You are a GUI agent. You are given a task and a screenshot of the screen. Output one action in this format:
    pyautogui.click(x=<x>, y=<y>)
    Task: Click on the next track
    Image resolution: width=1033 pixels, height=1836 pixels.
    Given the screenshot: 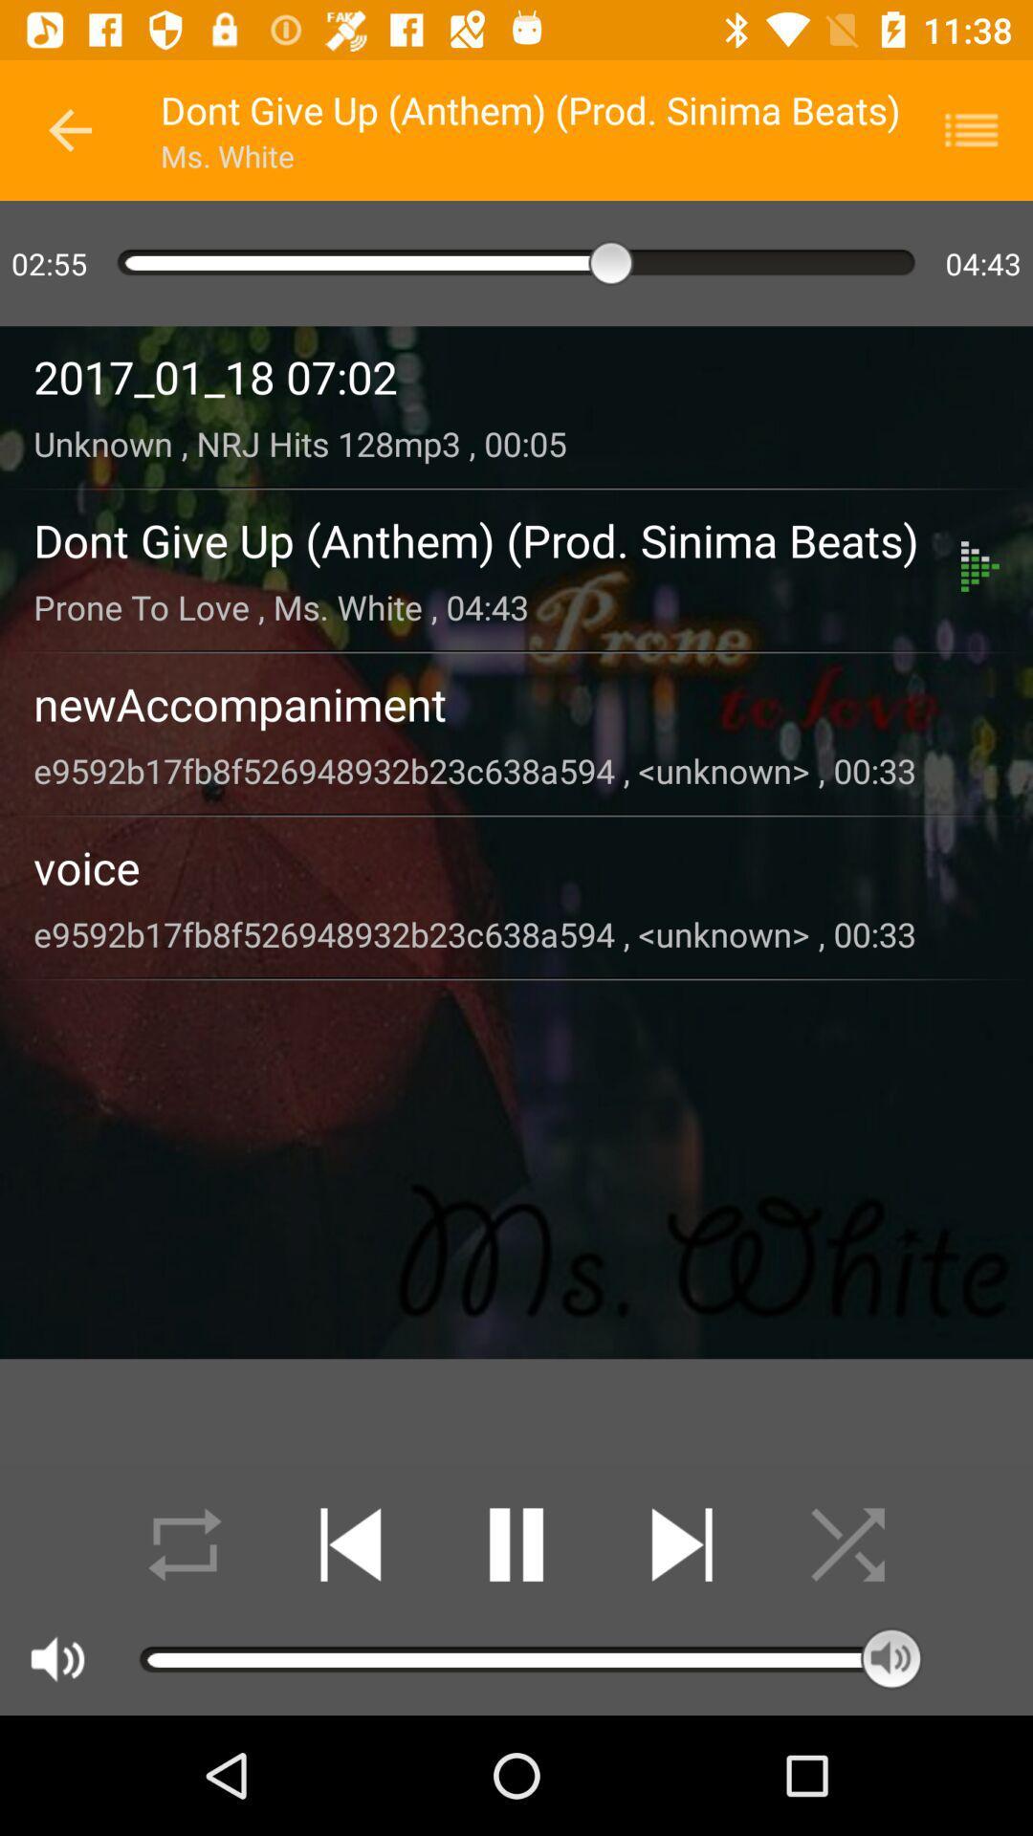 What is the action you would take?
    pyautogui.click(x=681, y=1544)
    